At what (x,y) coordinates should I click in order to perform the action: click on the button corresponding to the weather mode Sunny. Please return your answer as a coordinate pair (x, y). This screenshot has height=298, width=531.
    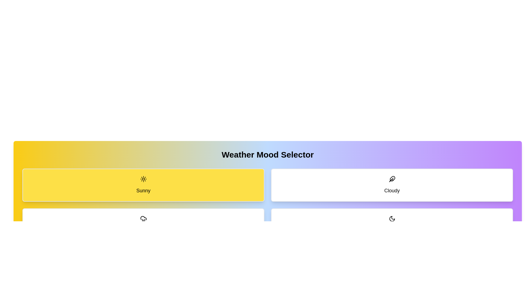
    Looking at the image, I should click on (143, 185).